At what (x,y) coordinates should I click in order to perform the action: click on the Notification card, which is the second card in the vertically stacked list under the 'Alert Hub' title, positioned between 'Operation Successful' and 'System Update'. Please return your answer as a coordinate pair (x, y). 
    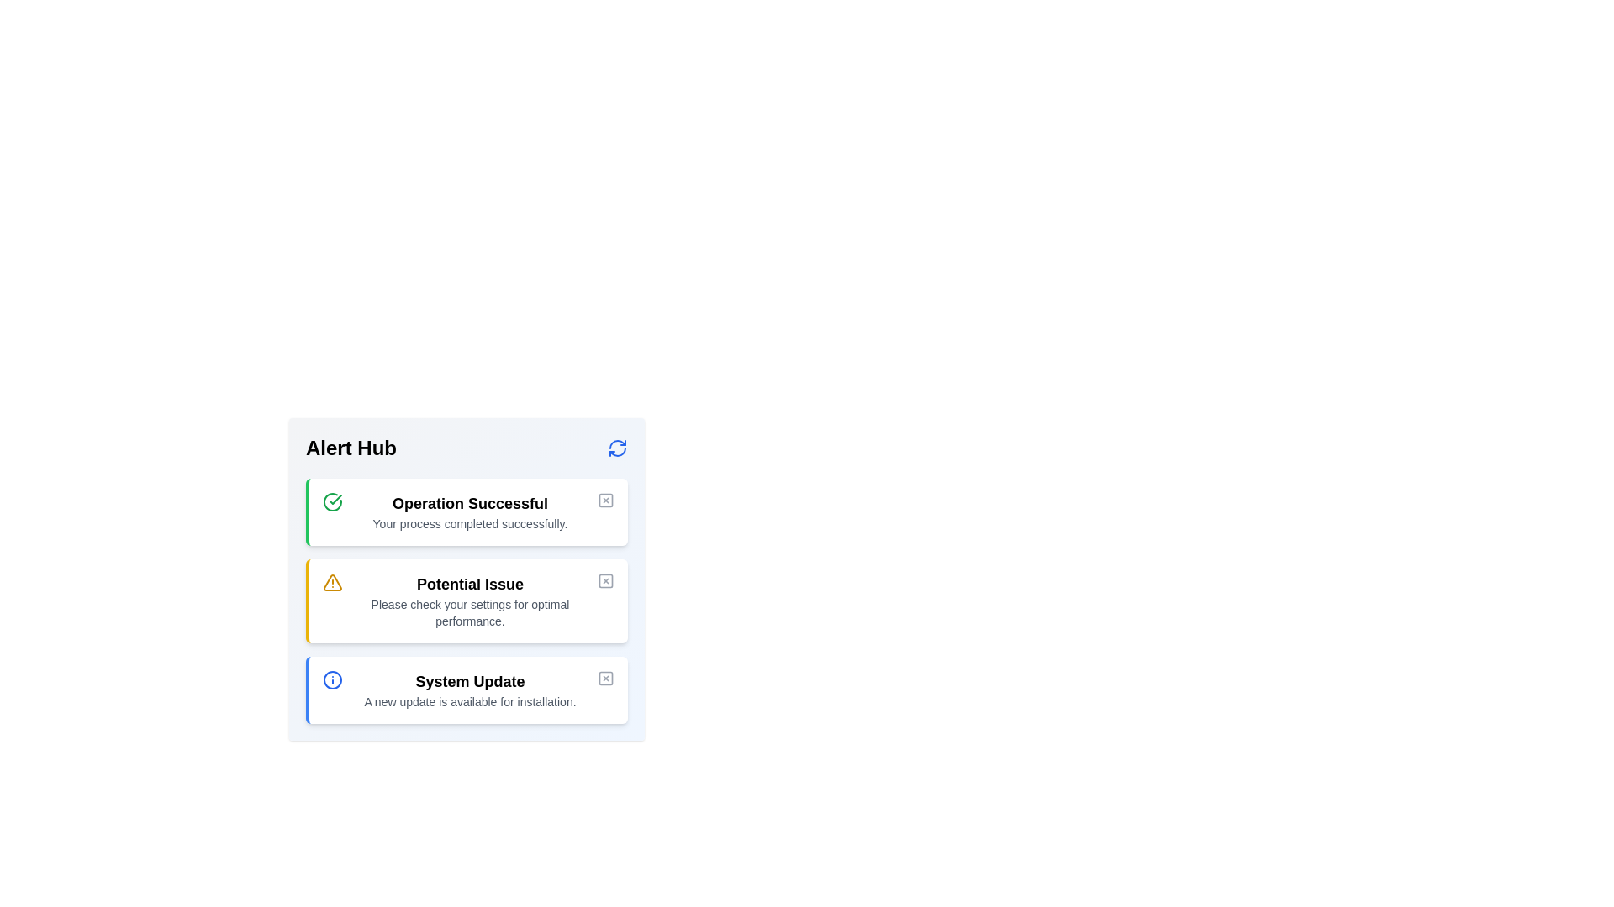
    Looking at the image, I should click on (467, 600).